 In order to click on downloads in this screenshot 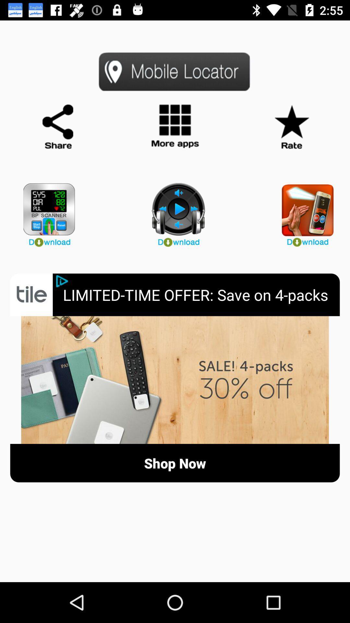, I will do `click(175, 212)`.